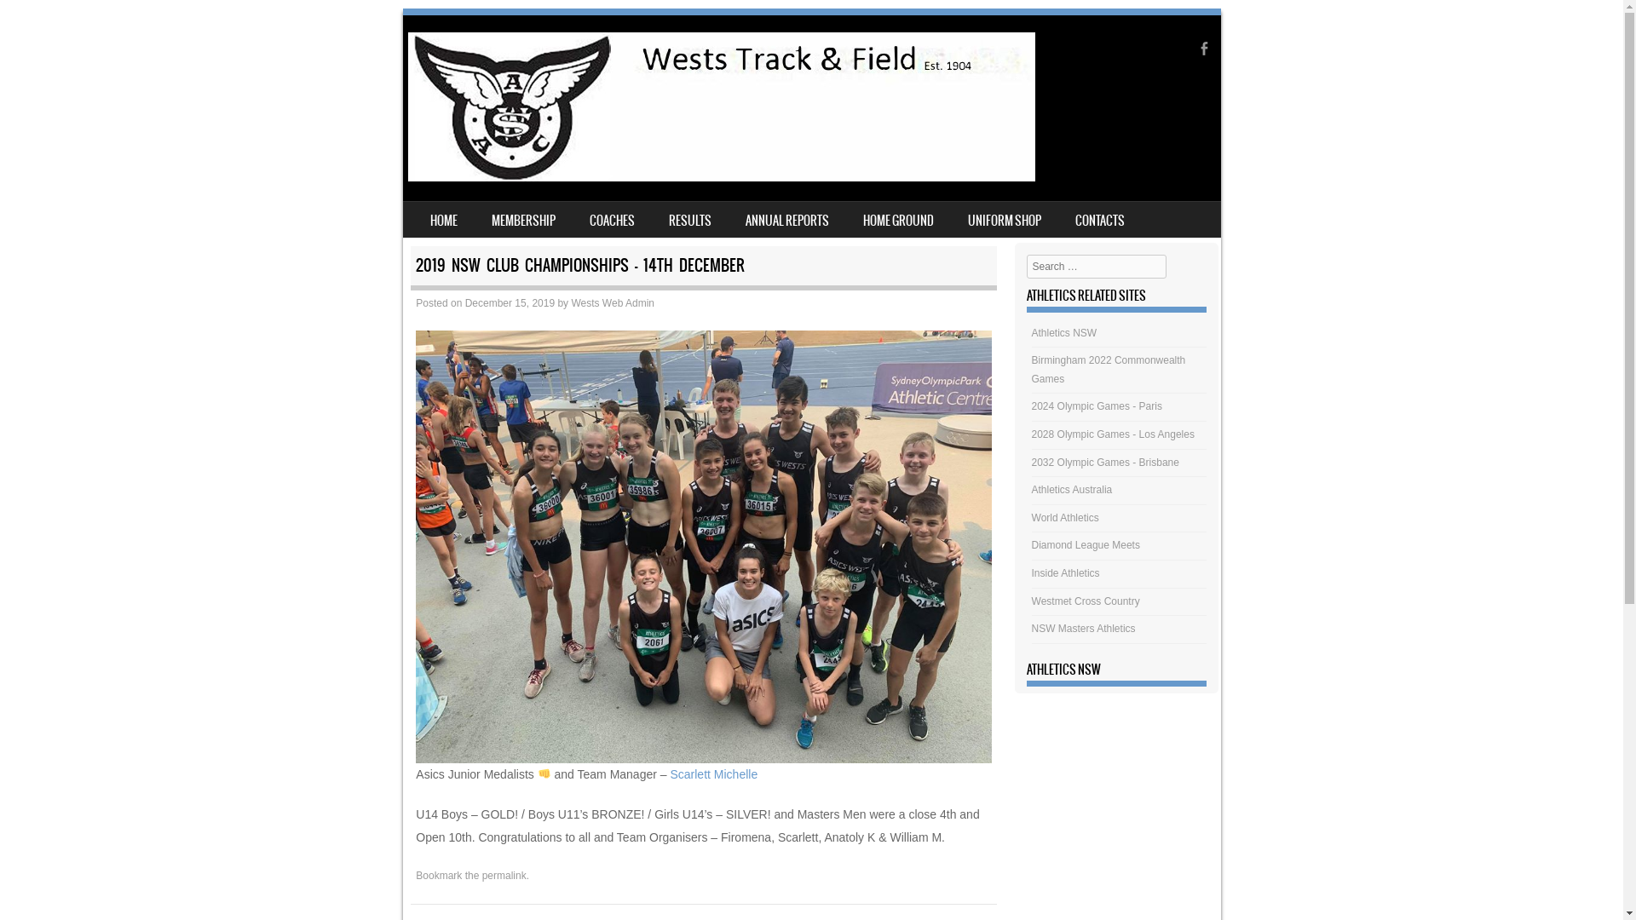  Describe the element at coordinates (521, 219) in the screenshot. I see `'MEMBERSHIP'` at that location.